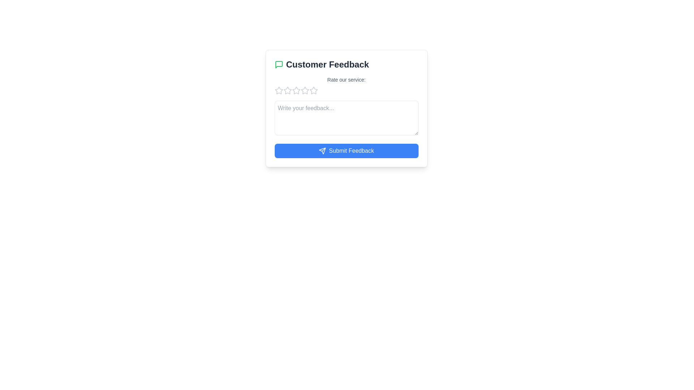 The width and height of the screenshot is (694, 390). I want to click on the paper airplane icon located on the left side of the 'Submit Feedback' button, which is blue and features a sharp angular design, so click(322, 150).